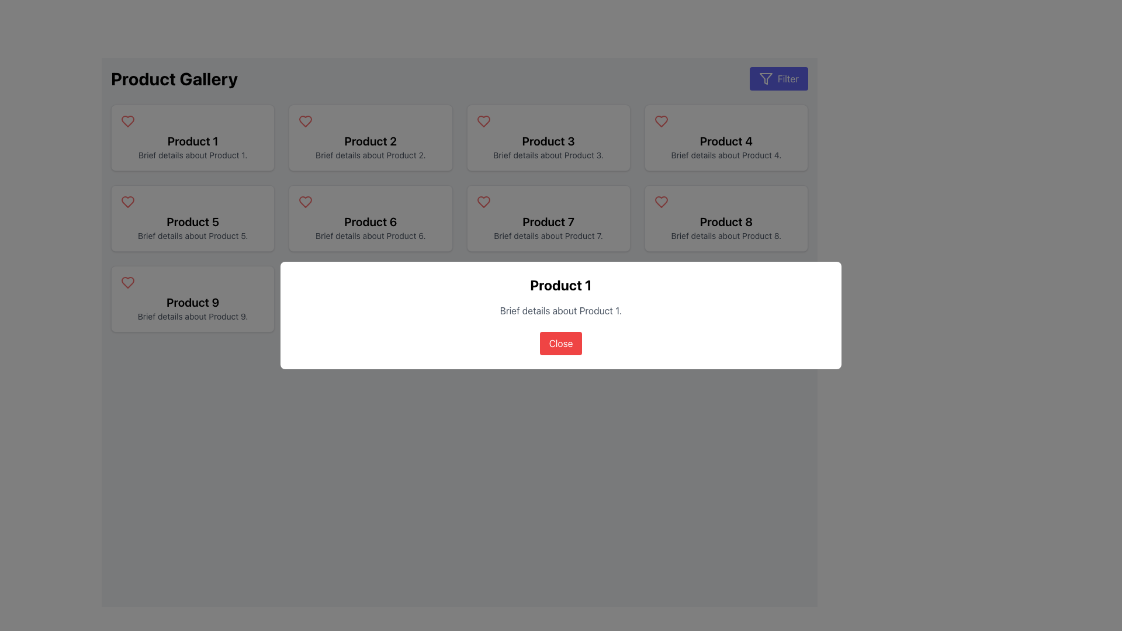  What do you see at coordinates (370, 219) in the screenshot?
I see `the product card displaying 'Product 6' which includes a red heart icon, bold text, and brief details, located in the second row and second column of the grid layout` at bounding box center [370, 219].